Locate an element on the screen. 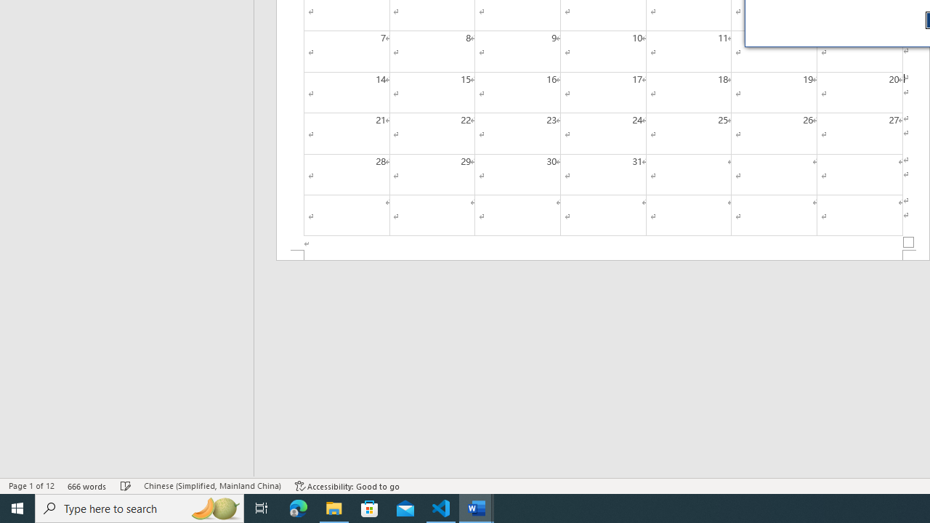  'Microsoft Edge' is located at coordinates (298, 507).